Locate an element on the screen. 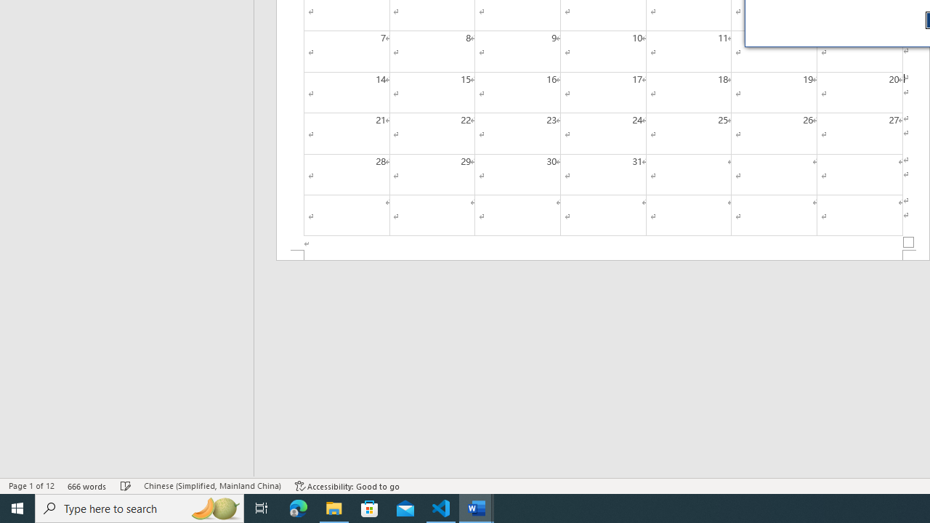  'Microsoft Edge' is located at coordinates (298, 507).